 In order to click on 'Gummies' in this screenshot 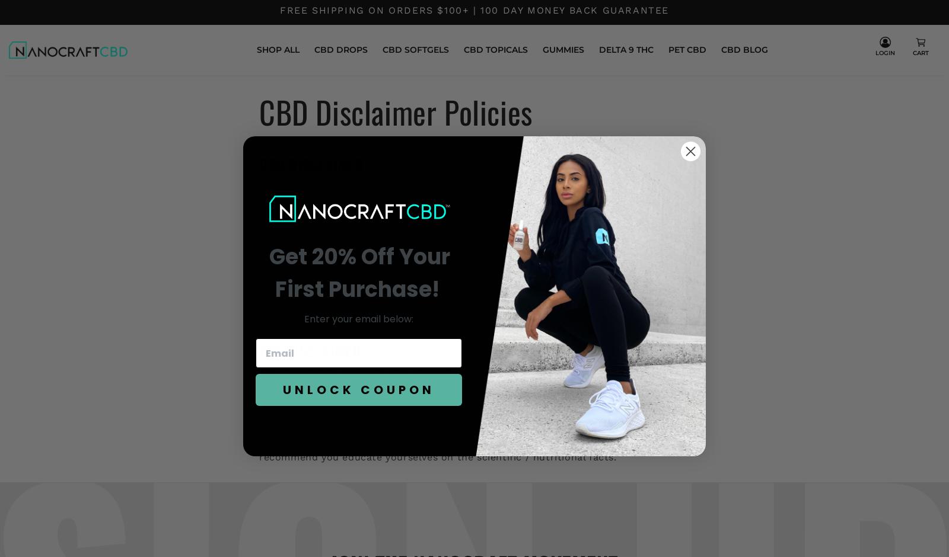, I will do `click(562, 49)`.